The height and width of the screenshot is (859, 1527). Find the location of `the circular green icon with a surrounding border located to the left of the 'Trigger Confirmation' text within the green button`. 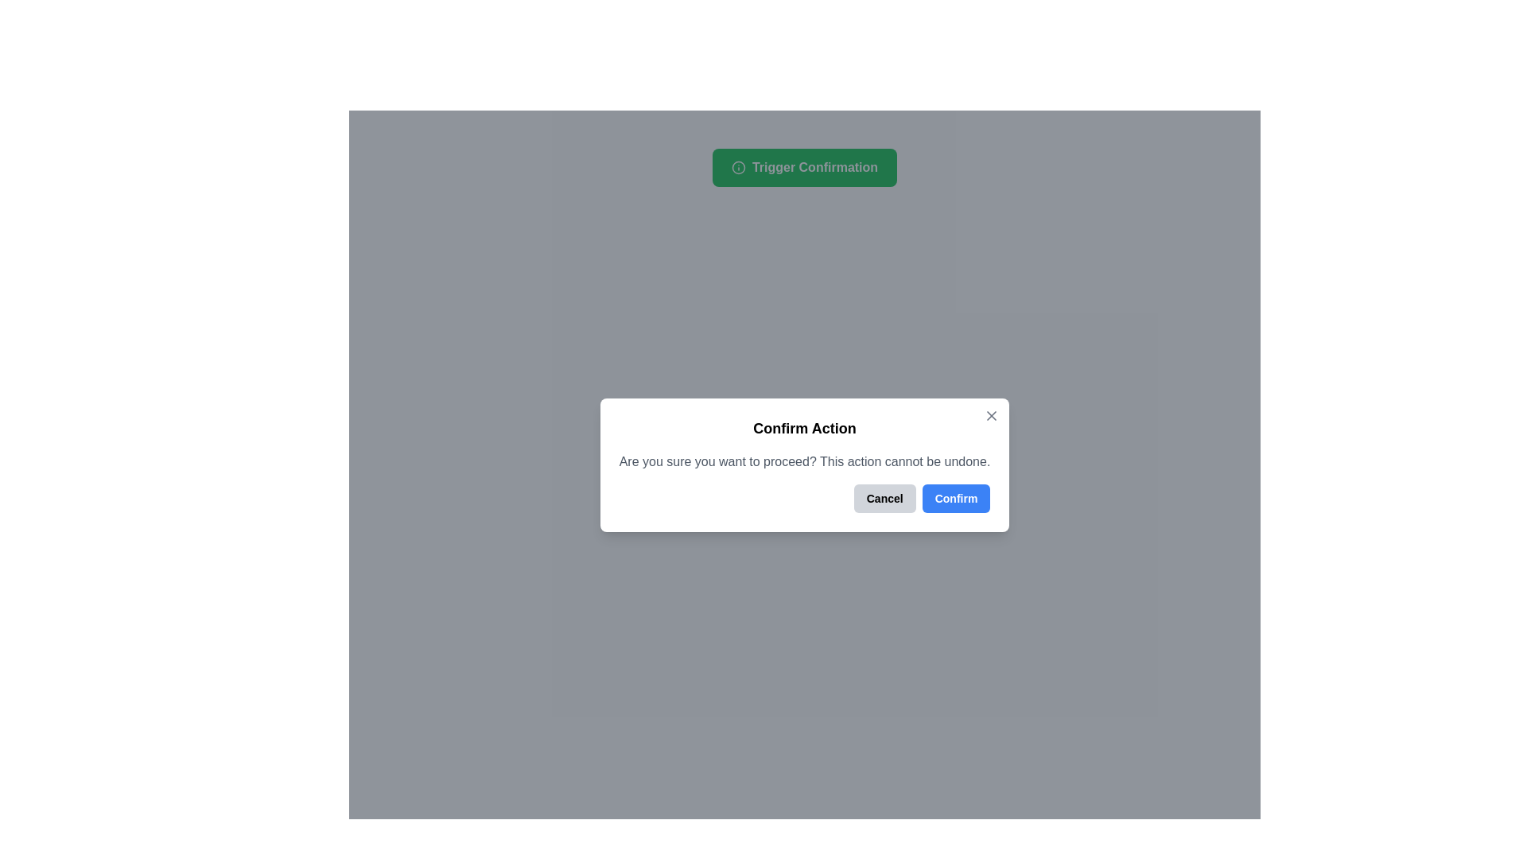

the circular green icon with a surrounding border located to the left of the 'Trigger Confirmation' text within the green button is located at coordinates (737, 168).